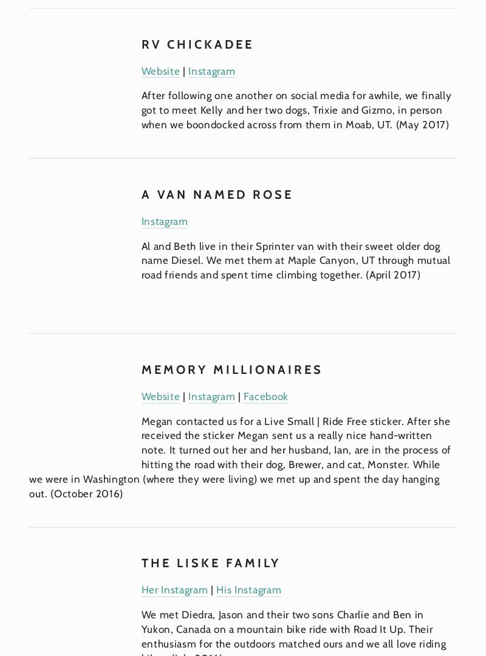  Describe the element at coordinates (265, 395) in the screenshot. I see `'Facebook'` at that location.